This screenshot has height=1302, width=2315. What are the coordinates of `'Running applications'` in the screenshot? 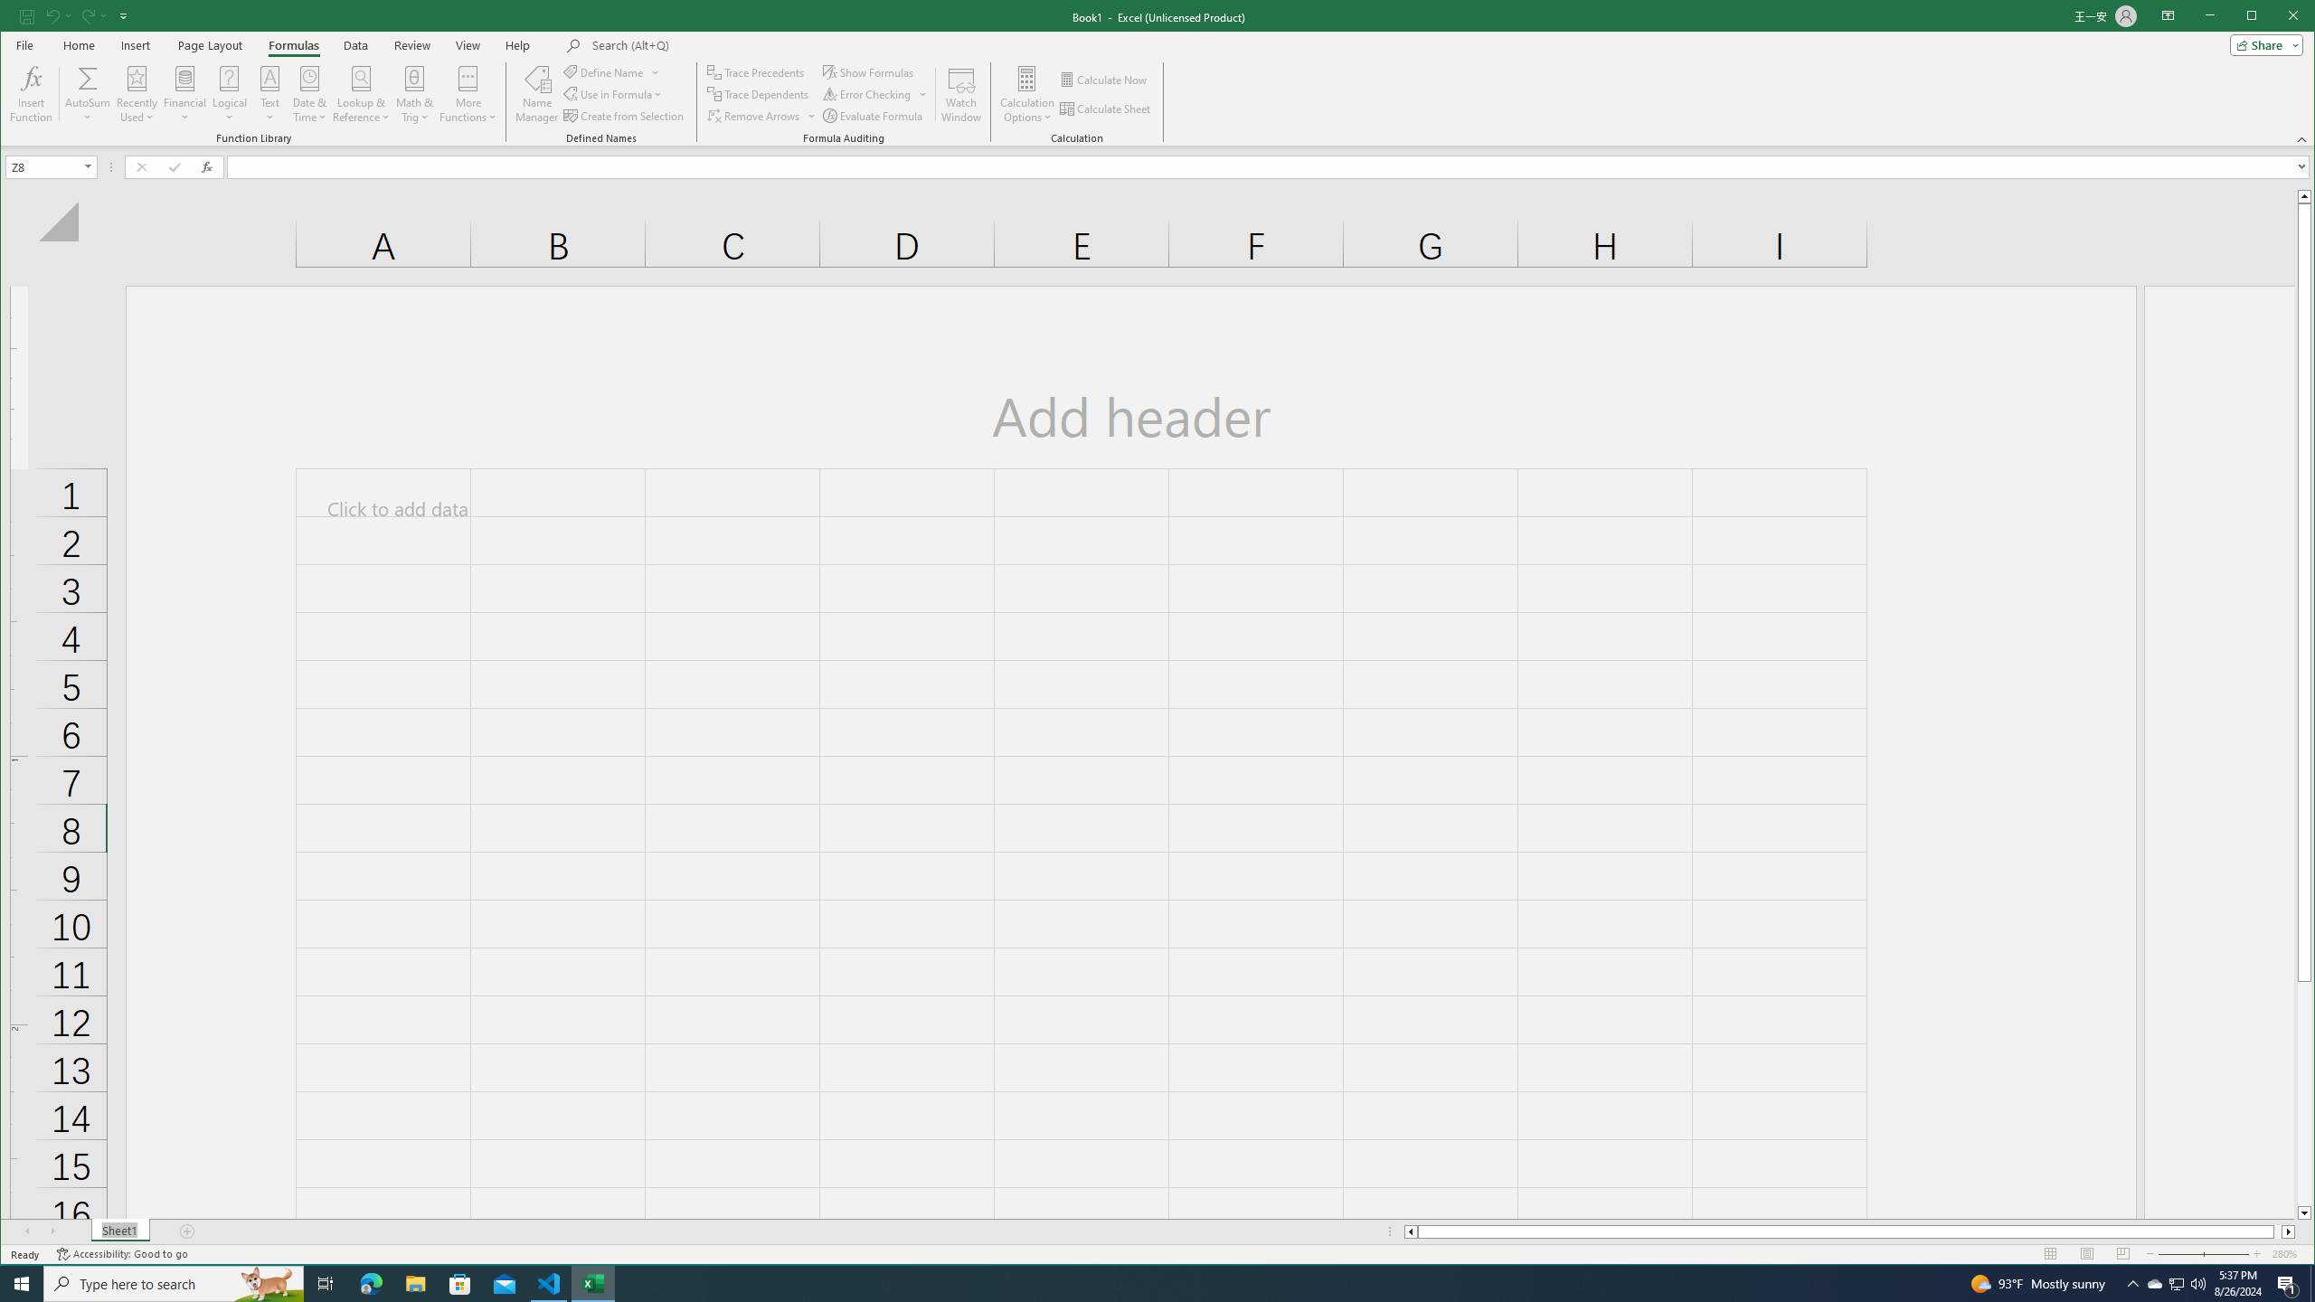 It's located at (1140, 1282).